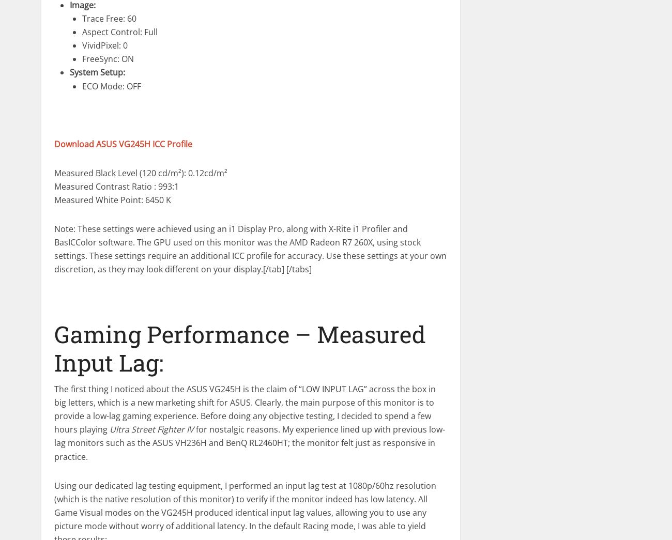  I want to click on 'Trace Free: 60', so click(109, 18).